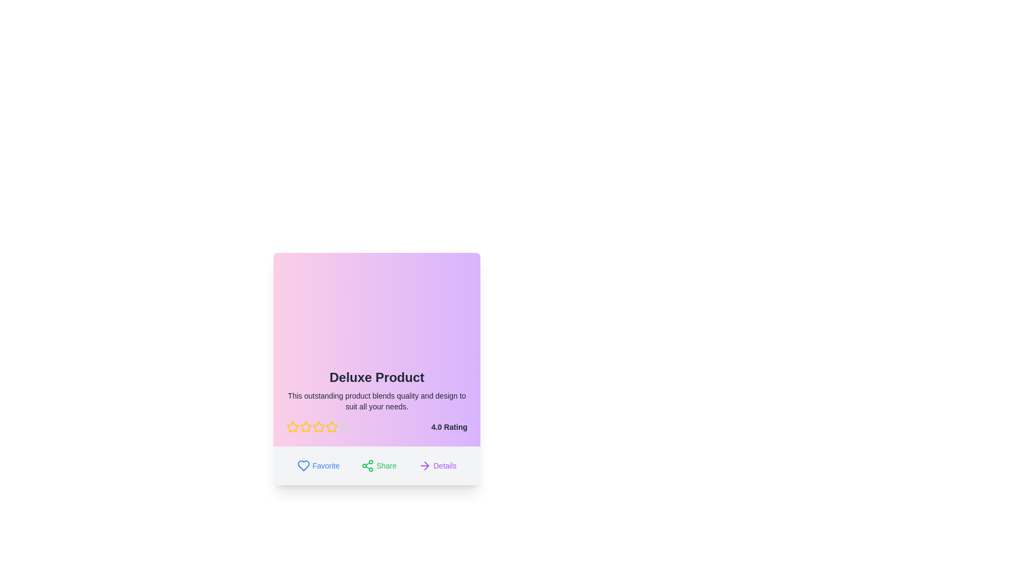 Image resolution: width=1034 pixels, height=581 pixels. I want to click on the right-pointing arrow icon located at the bottom-right of the details section, so click(426, 465).